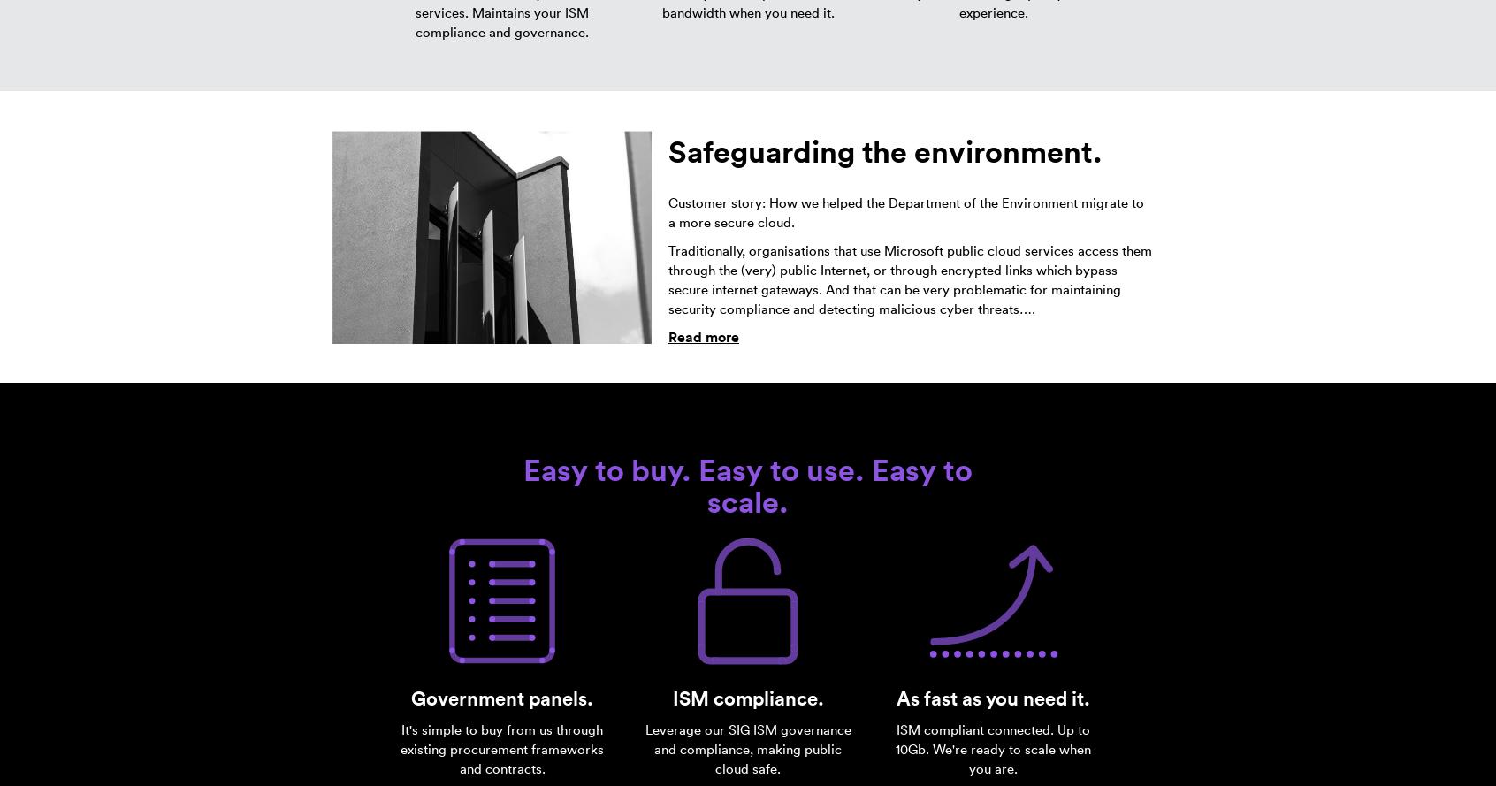 The image size is (1496, 786). I want to click on 'Leverage our SIG ISM governance and compliance, making public cloud safe.', so click(644, 748).